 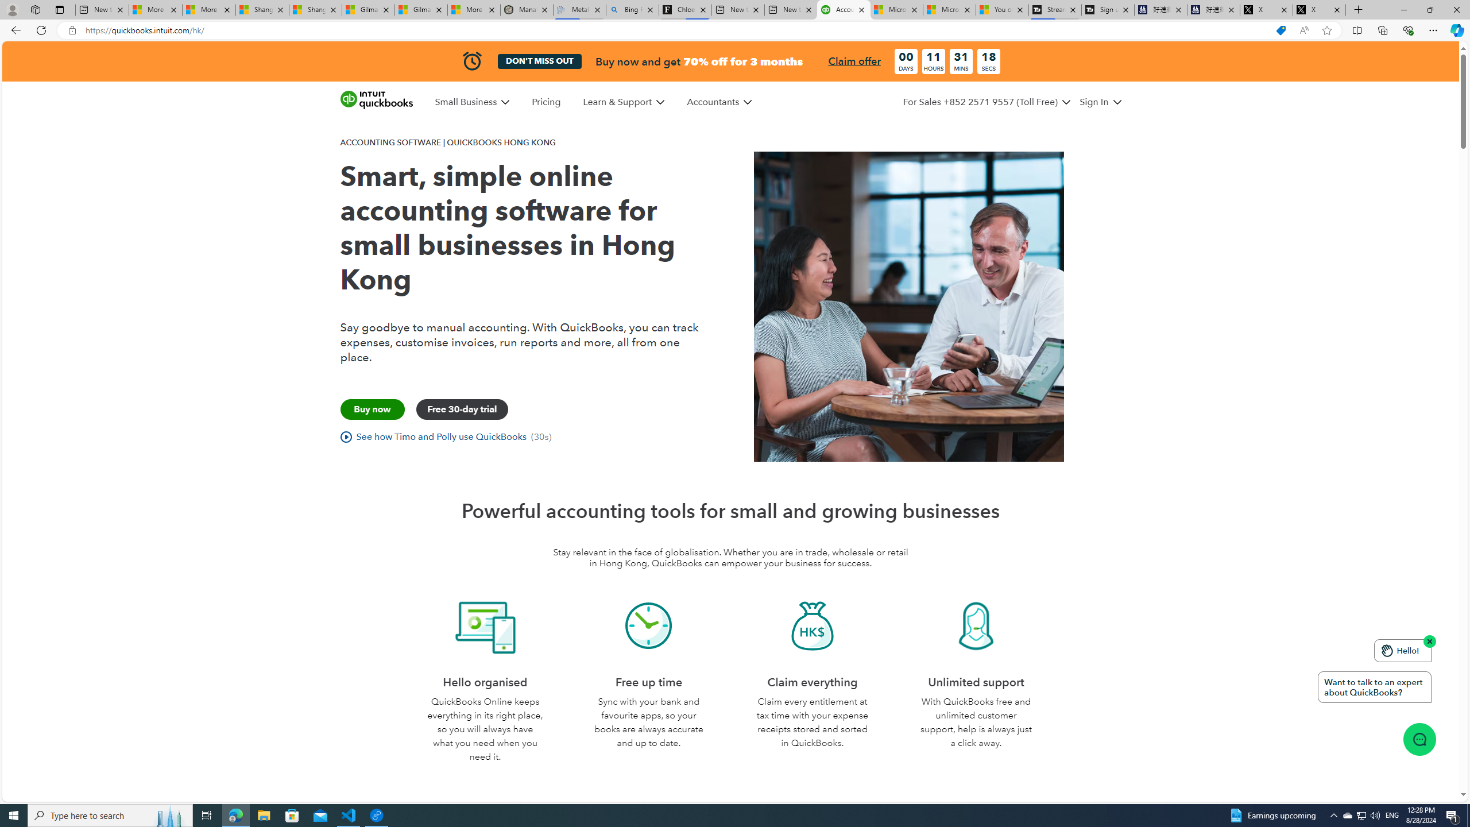 I want to click on 'Buy now', so click(x=372, y=409).